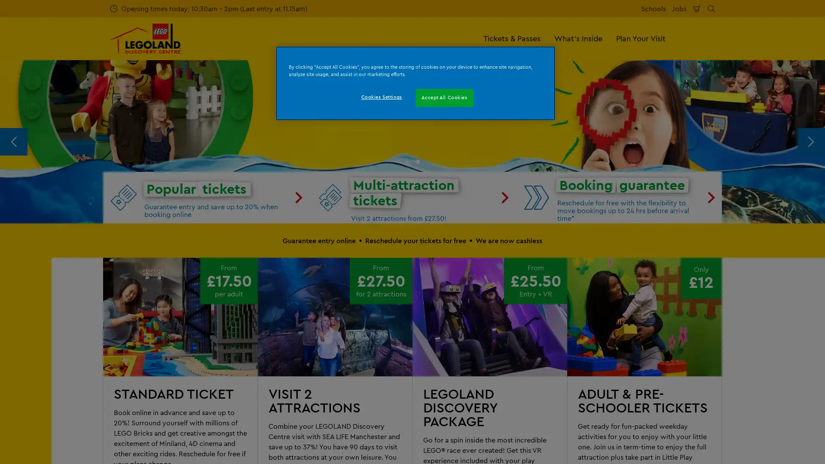 The image size is (825, 464). Describe the element at coordinates (711, 8) in the screenshot. I see `Search` at that location.